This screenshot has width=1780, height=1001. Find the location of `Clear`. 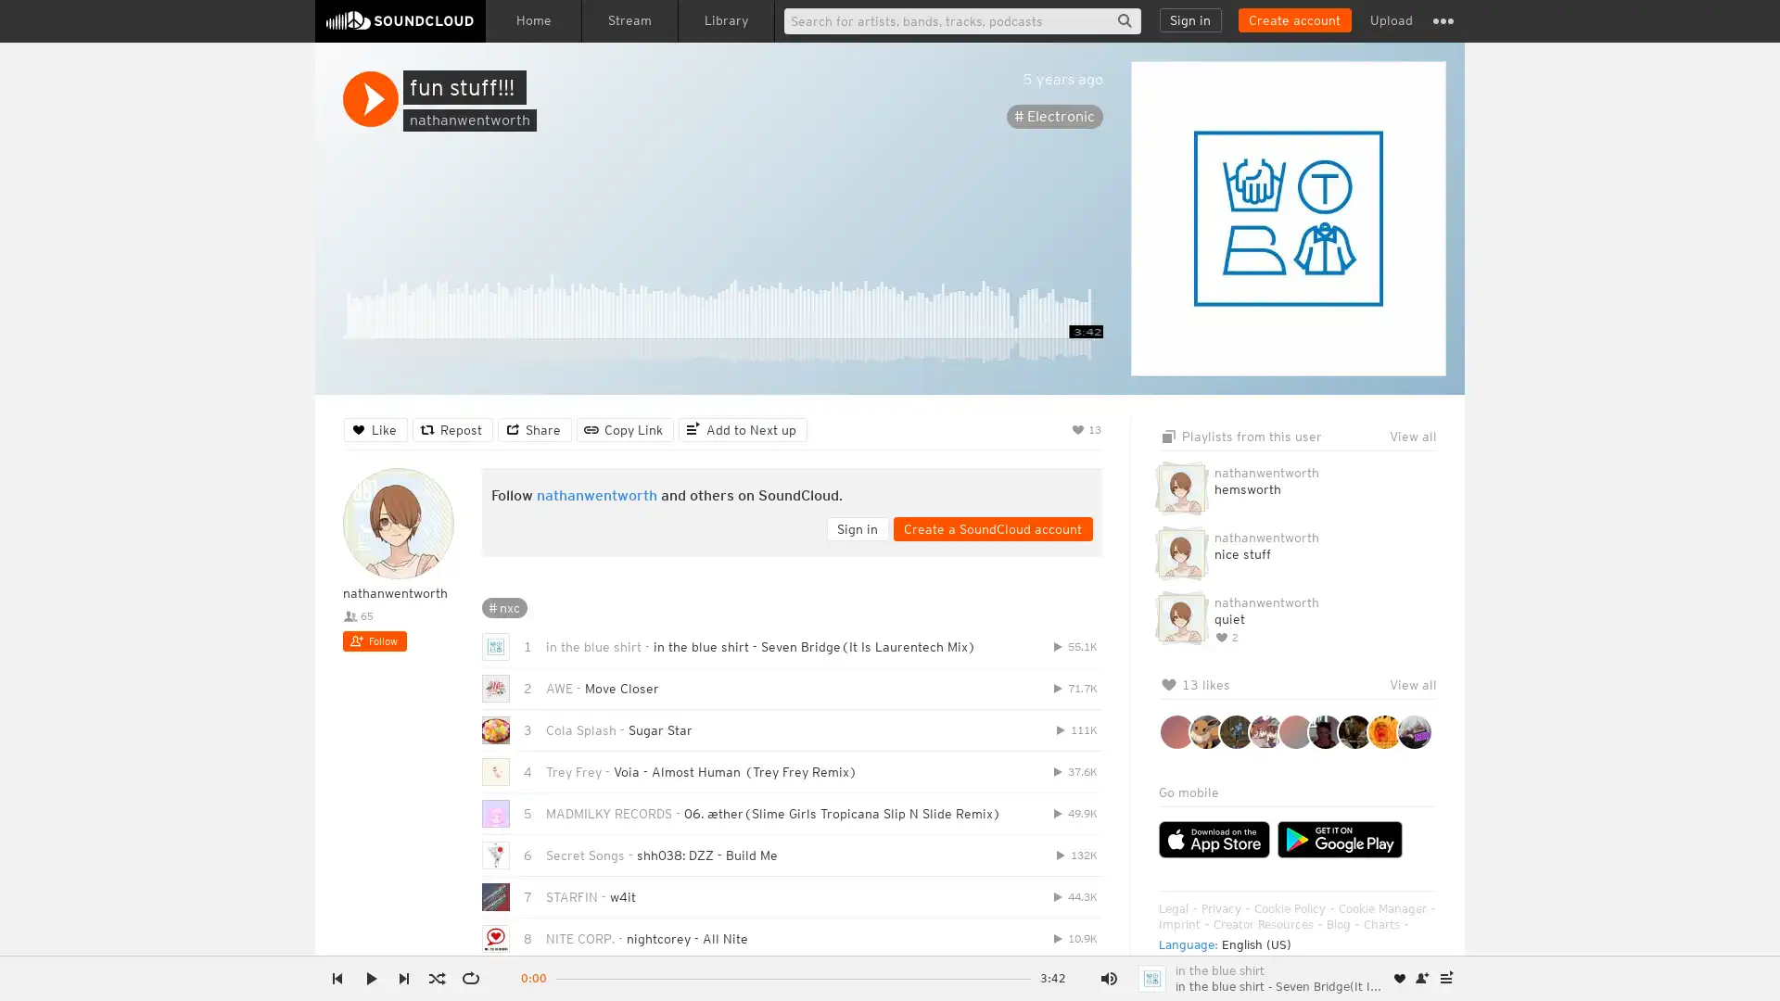

Clear is located at coordinates (1374, 460).